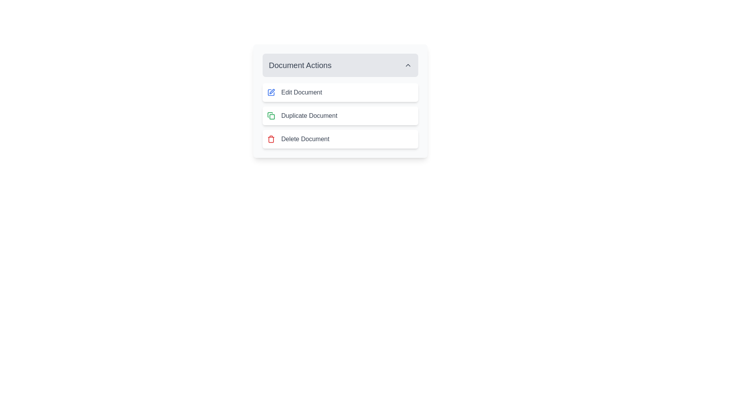 The width and height of the screenshot is (747, 420). I want to click on text of the third interactive list item labeled 'Delete' in the 'Document Actions' panel, which is positioned below the 'Duplicate Document' option and has a red trash icon to its left, so click(305, 139).